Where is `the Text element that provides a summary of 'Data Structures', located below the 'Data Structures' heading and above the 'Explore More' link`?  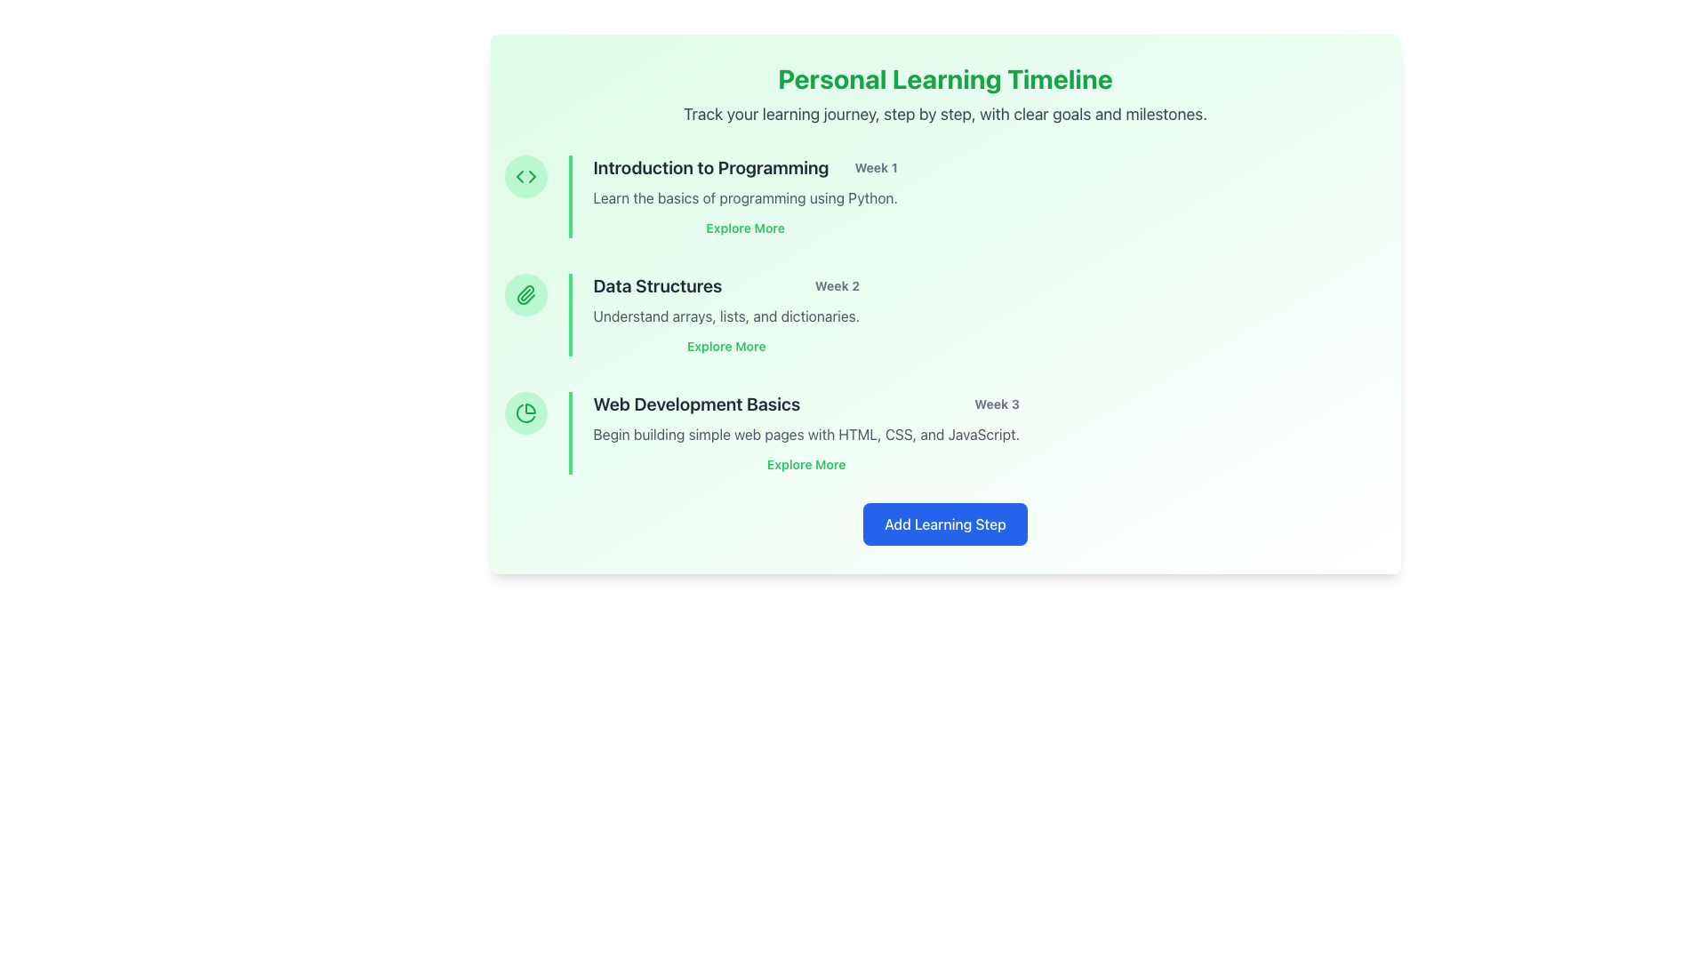 the Text element that provides a summary of 'Data Structures', located below the 'Data Structures' heading and above the 'Explore More' link is located at coordinates (726, 315).